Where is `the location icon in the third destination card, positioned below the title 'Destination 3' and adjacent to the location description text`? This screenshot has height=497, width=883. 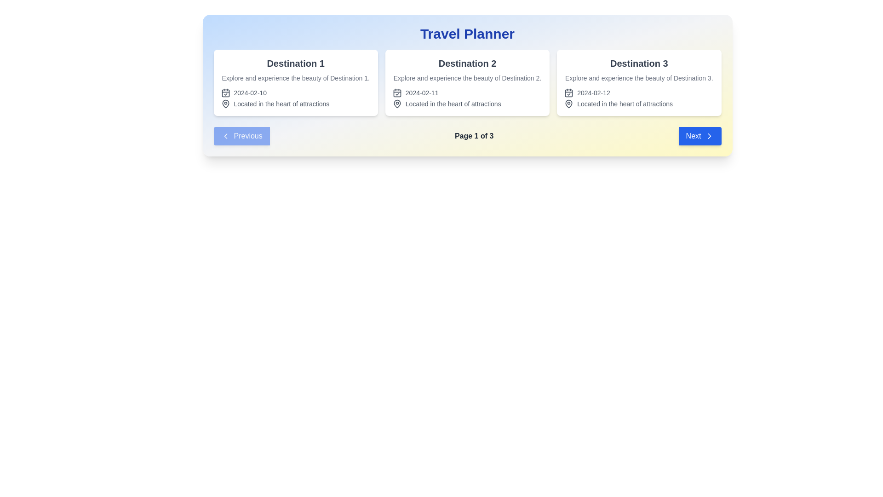
the location icon in the third destination card, positioned below the title 'Destination 3' and adjacent to the location description text is located at coordinates (568, 104).